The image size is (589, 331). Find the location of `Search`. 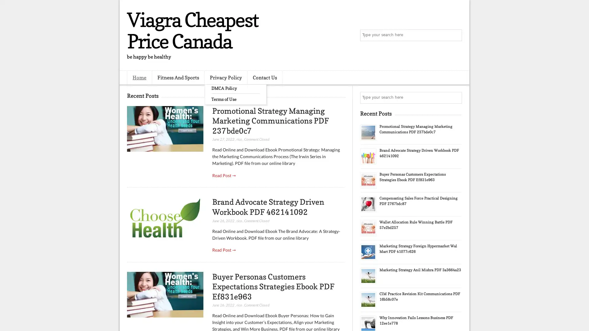

Search is located at coordinates (456, 97).